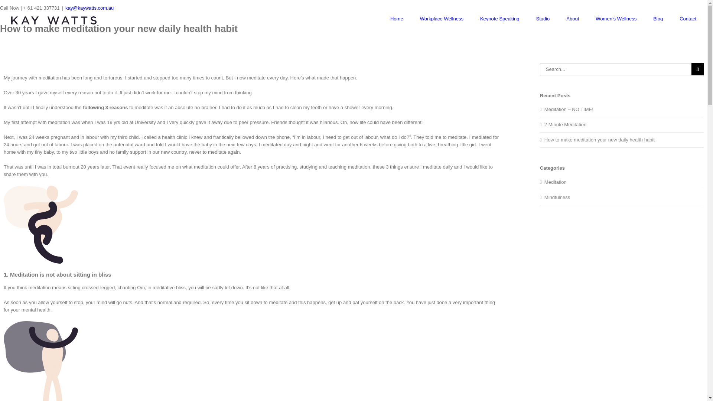  What do you see at coordinates (679, 18) in the screenshot?
I see `'Contact'` at bounding box center [679, 18].